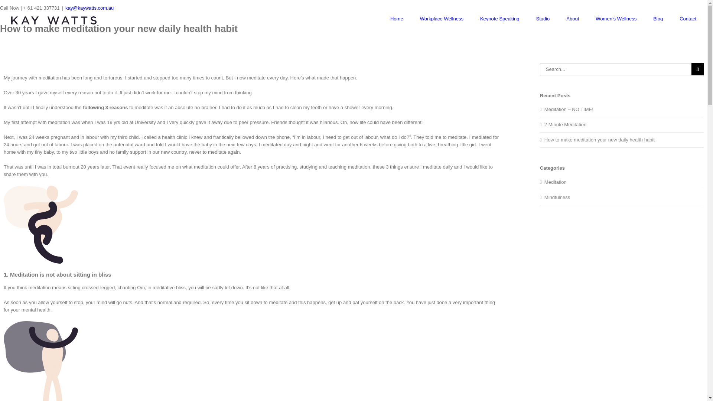  What do you see at coordinates (679, 18) in the screenshot?
I see `'Contact'` at bounding box center [679, 18].